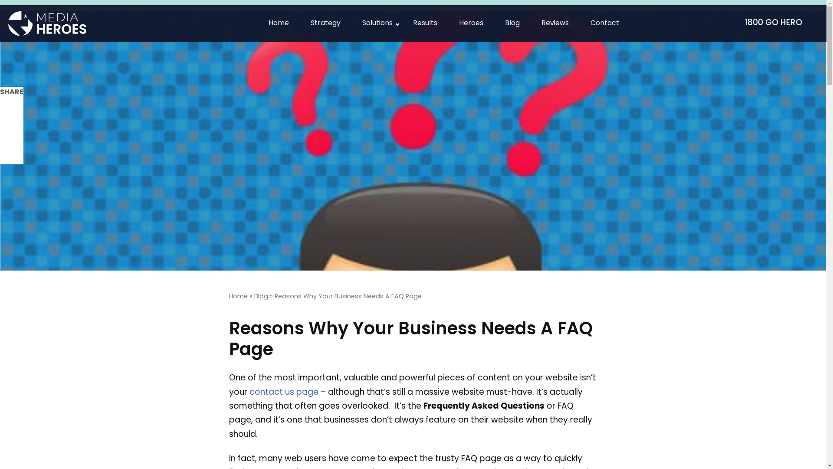 Image resolution: width=833 pixels, height=469 pixels. Describe the element at coordinates (260, 296) in the screenshot. I see `'Blog'` at that location.